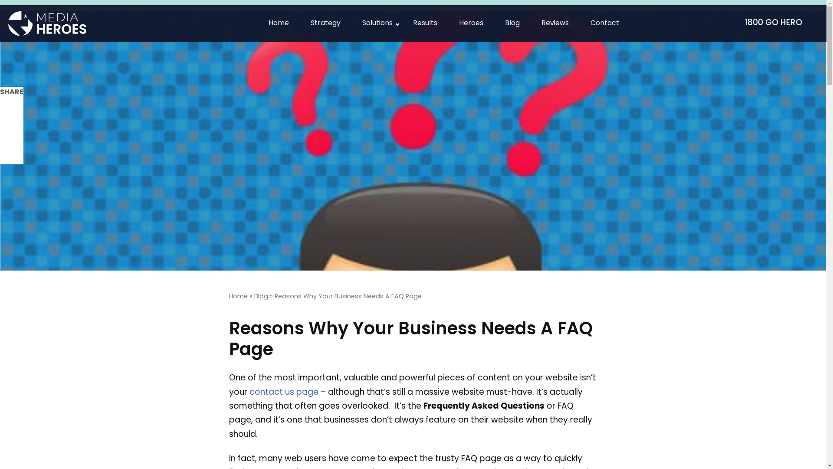 Image resolution: width=833 pixels, height=469 pixels. Describe the element at coordinates (260, 296) in the screenshot. I see `'Blog'` at that location.